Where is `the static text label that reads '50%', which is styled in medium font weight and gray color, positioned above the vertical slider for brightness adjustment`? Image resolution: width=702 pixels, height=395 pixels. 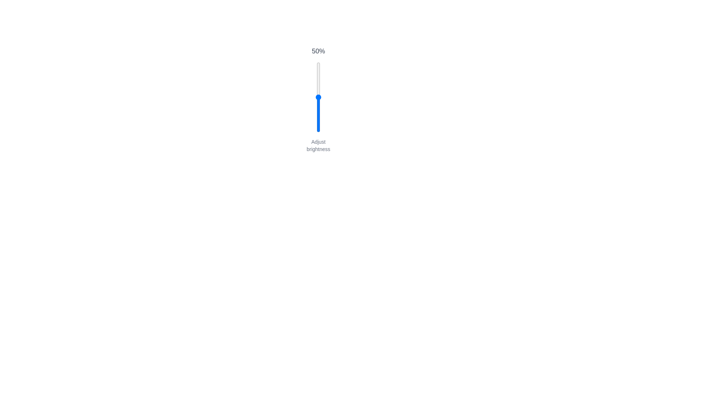
the static text label that reads '50%', which is styled in medium font weight and gray color, positioned above the vertical slider for brightness adjustment is located at coordinates (318, 50).